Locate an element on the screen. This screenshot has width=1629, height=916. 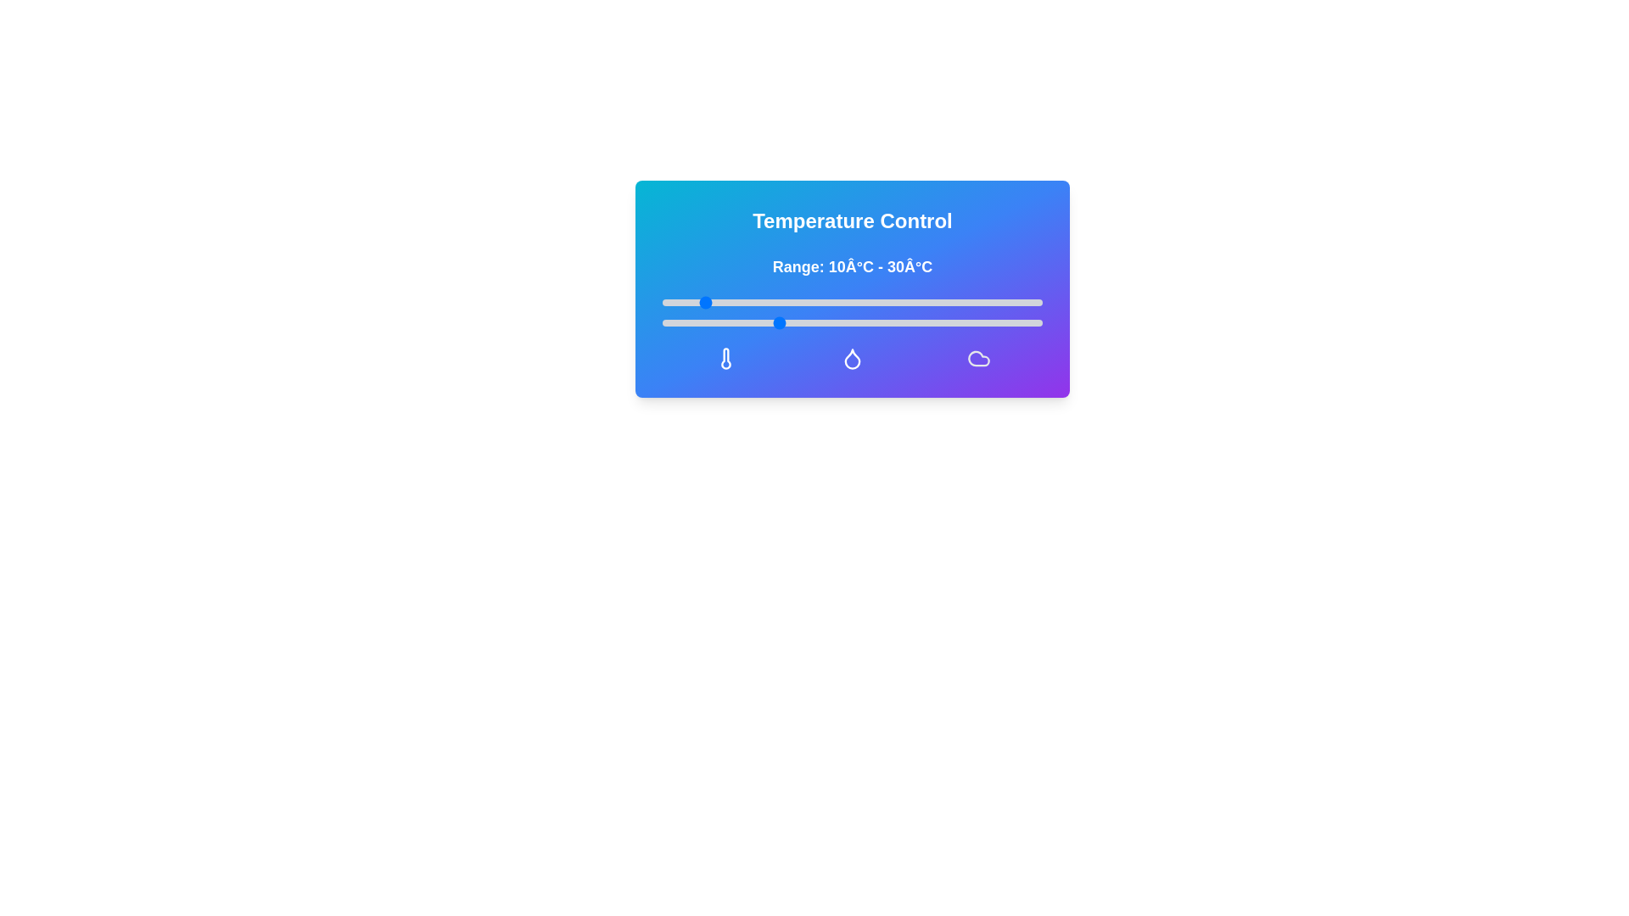
the cloud icon, which is centered horizontally at the bottom of the card interface and is positioned to the right of a thermometer and a droplet icon is located at coordinates (978, 358).